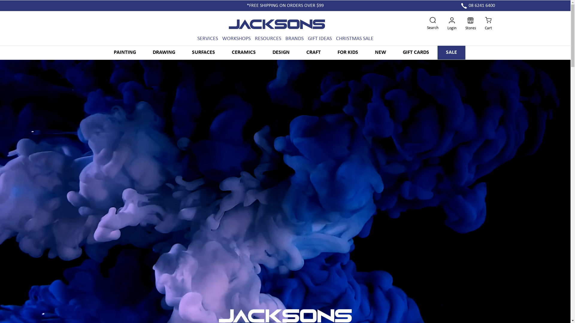  What do you see at coordinates (294, 39) in the screenshot?
I see `'BRANDS'` at bounding box center [294, 39].